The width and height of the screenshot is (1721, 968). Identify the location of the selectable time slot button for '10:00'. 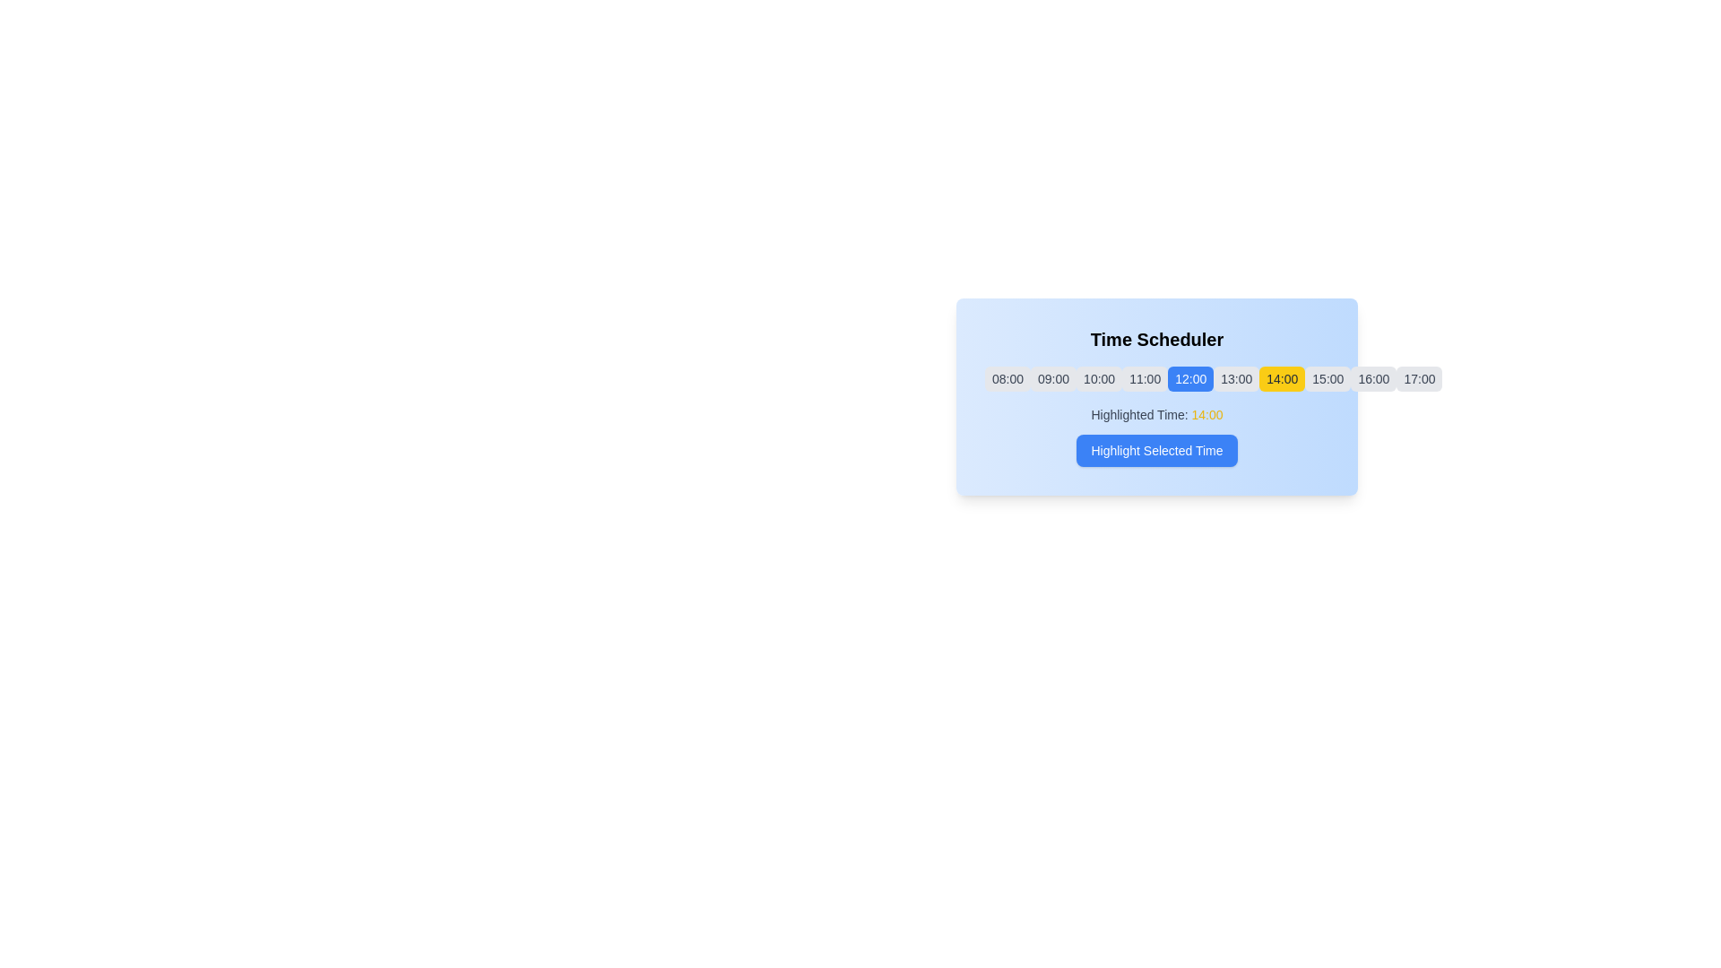
(1098, 378).